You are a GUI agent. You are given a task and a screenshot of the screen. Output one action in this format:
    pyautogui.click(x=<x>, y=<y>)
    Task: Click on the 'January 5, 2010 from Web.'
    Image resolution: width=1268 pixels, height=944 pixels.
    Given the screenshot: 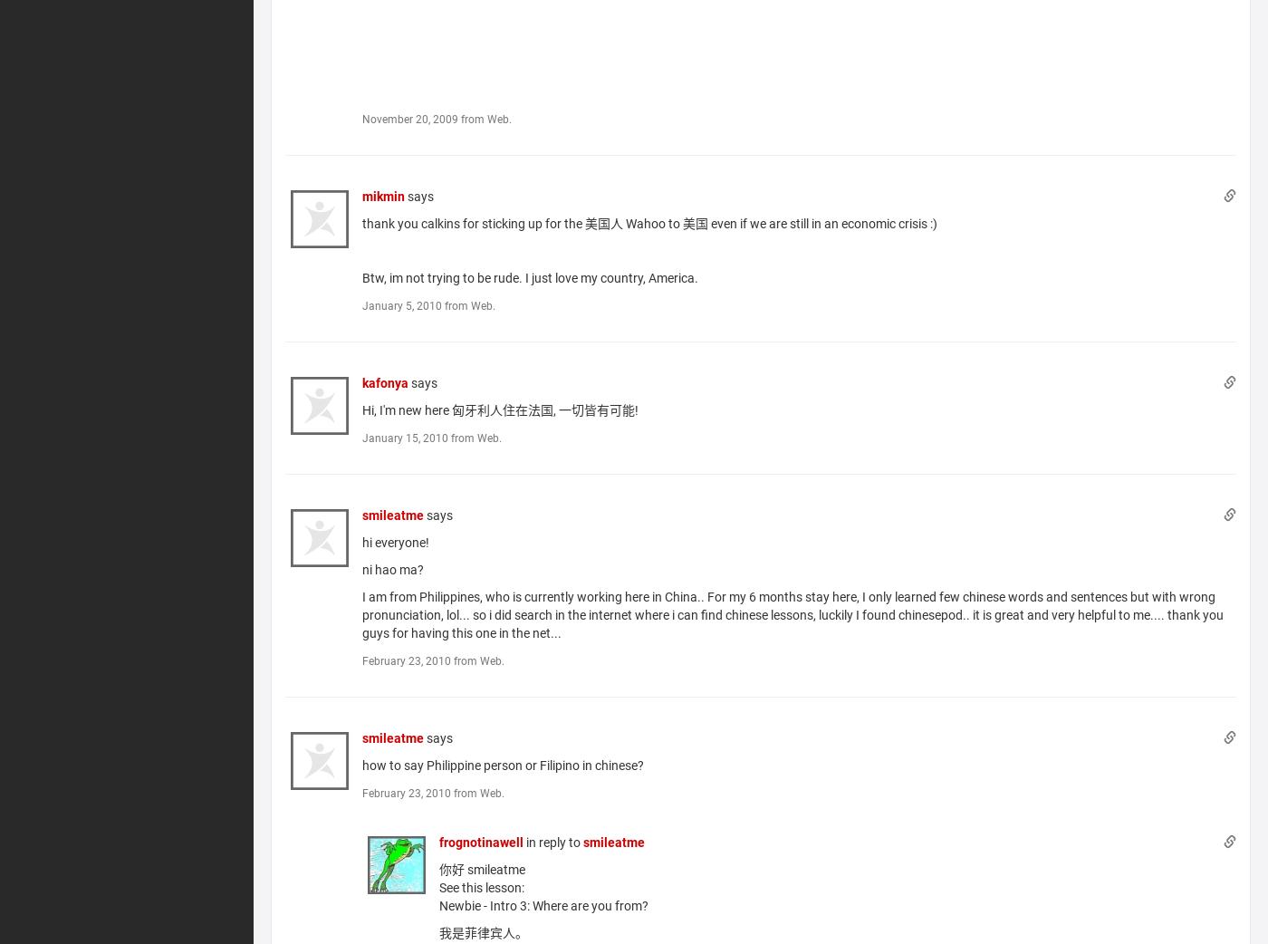 What is the action you would take?
    pyautogui.click(x=360, y=304)
    